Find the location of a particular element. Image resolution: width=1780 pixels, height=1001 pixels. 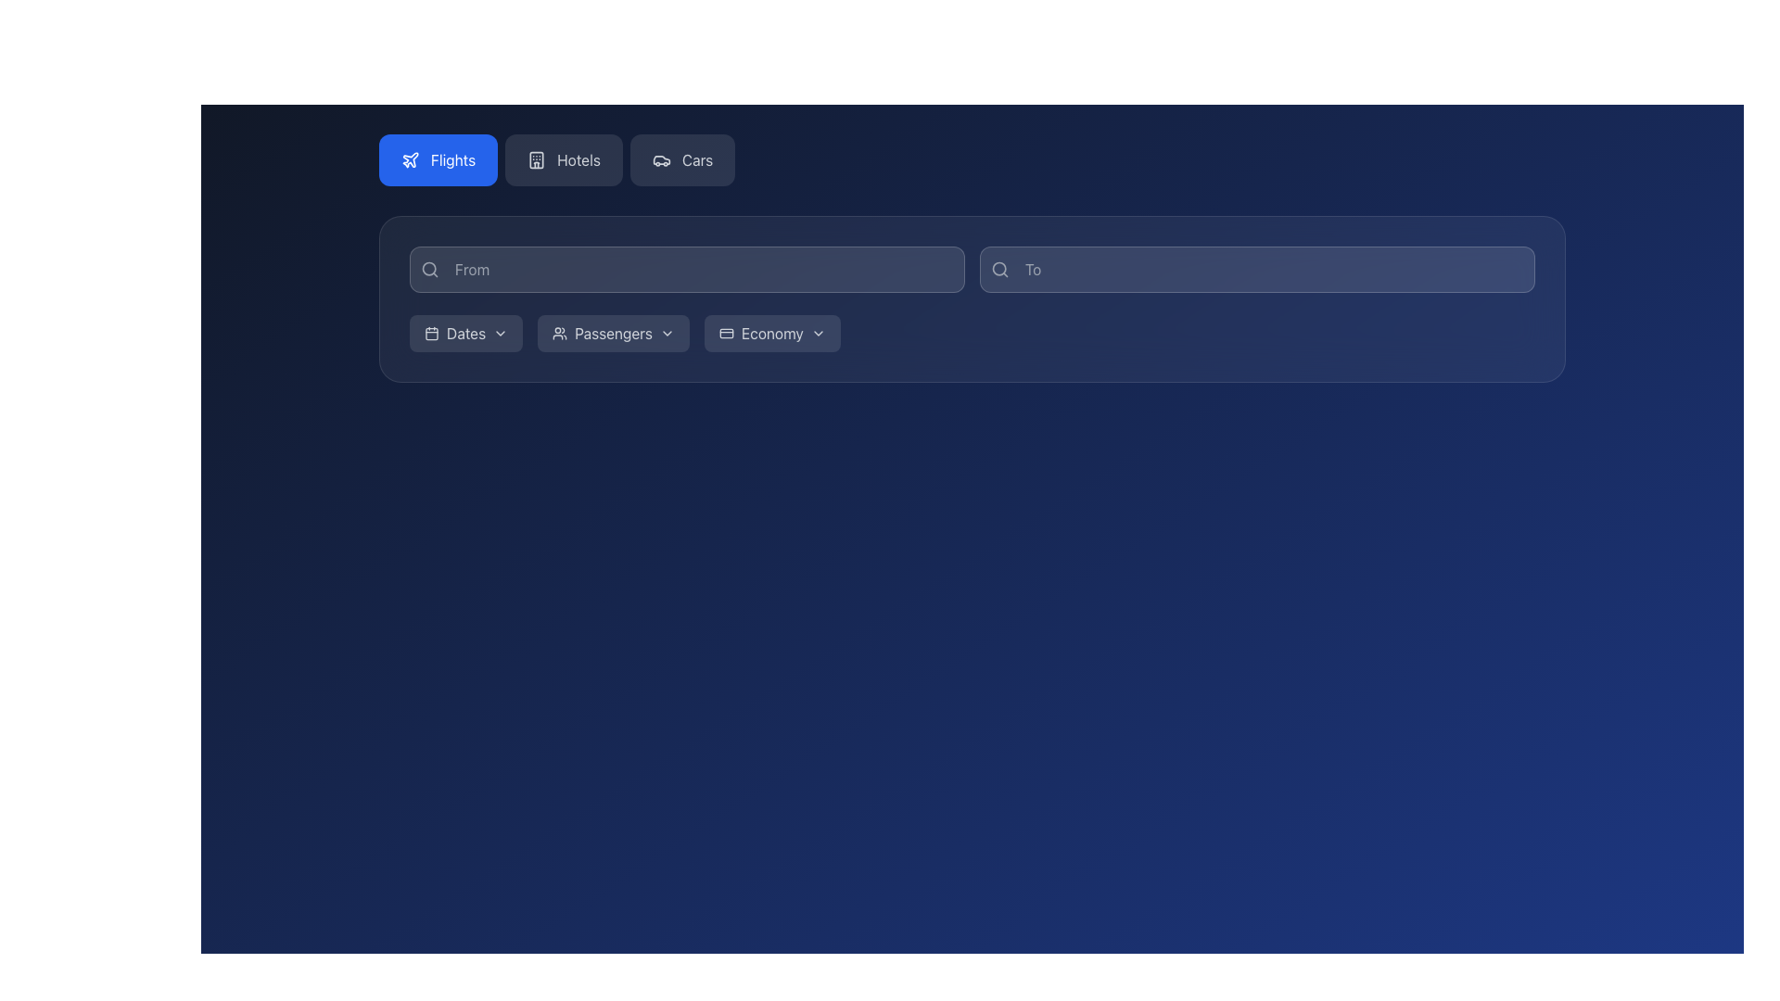

the visual indicator icon for the dropdown menu located at the right end of the 'Passengers' button, aligned horizontally with the label is located at coordinates (667, 332).